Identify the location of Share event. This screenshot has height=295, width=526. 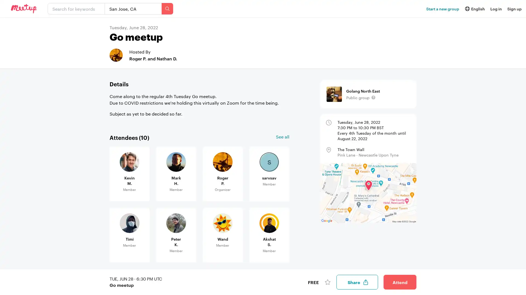
(357, 282).